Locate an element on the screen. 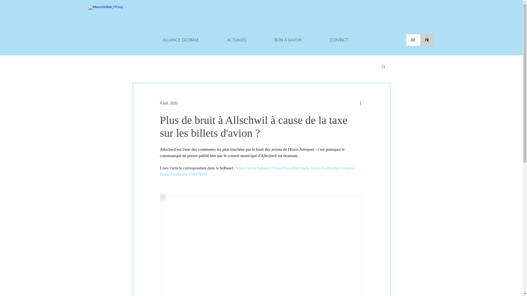  'CONTACT' is located at coordinates (315, 40).